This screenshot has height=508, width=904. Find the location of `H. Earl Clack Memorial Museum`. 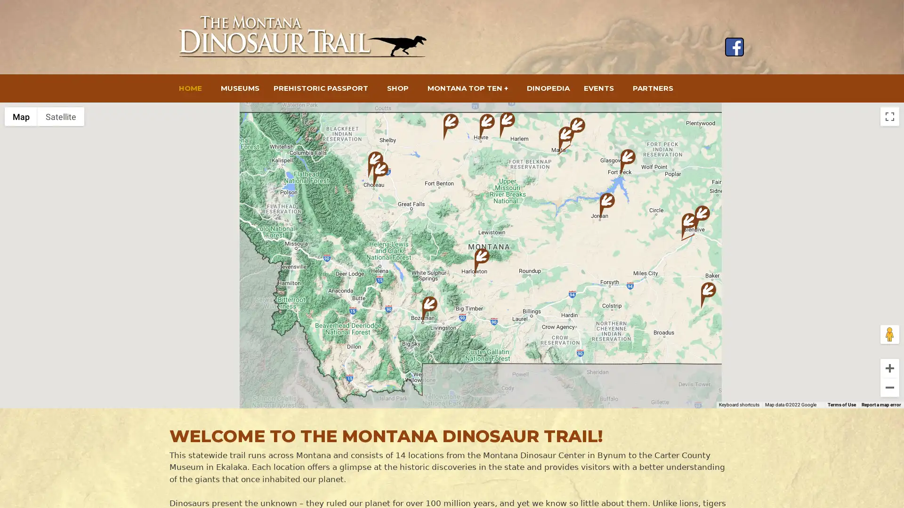

H. Earl Clack Memorial Museum is located at coordinates (487, 127).